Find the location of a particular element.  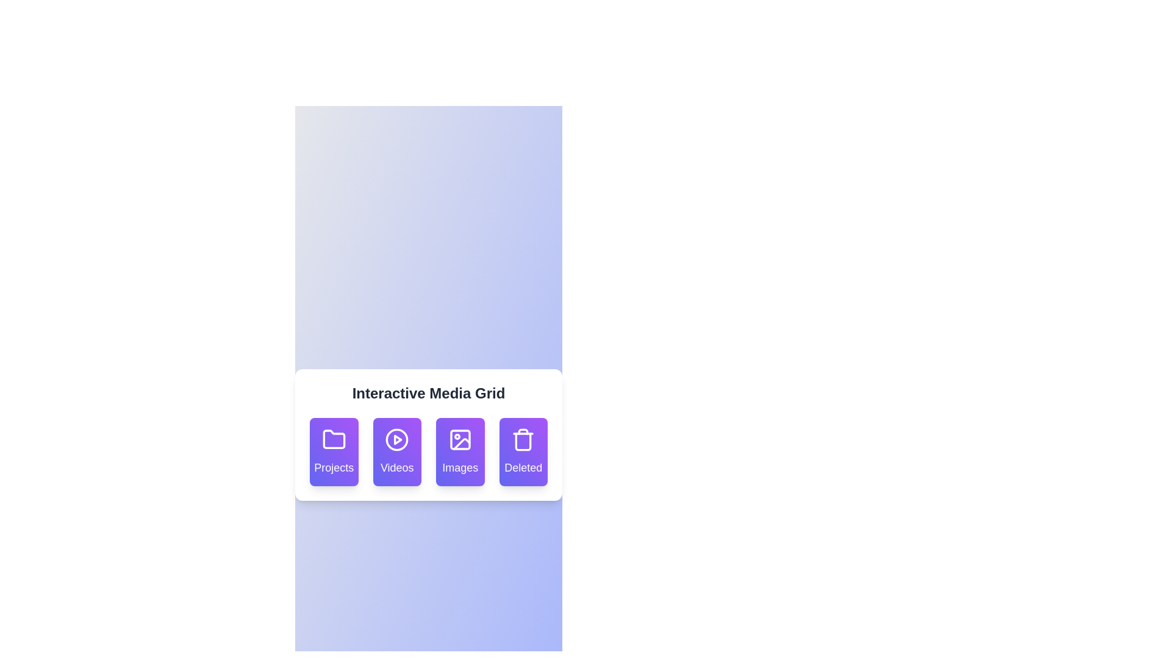

text of the 'Videos' label located underneath the play button icon in the second purple-themed card of the 'Interactive Media Grid' is located at coordinates (397, 467).